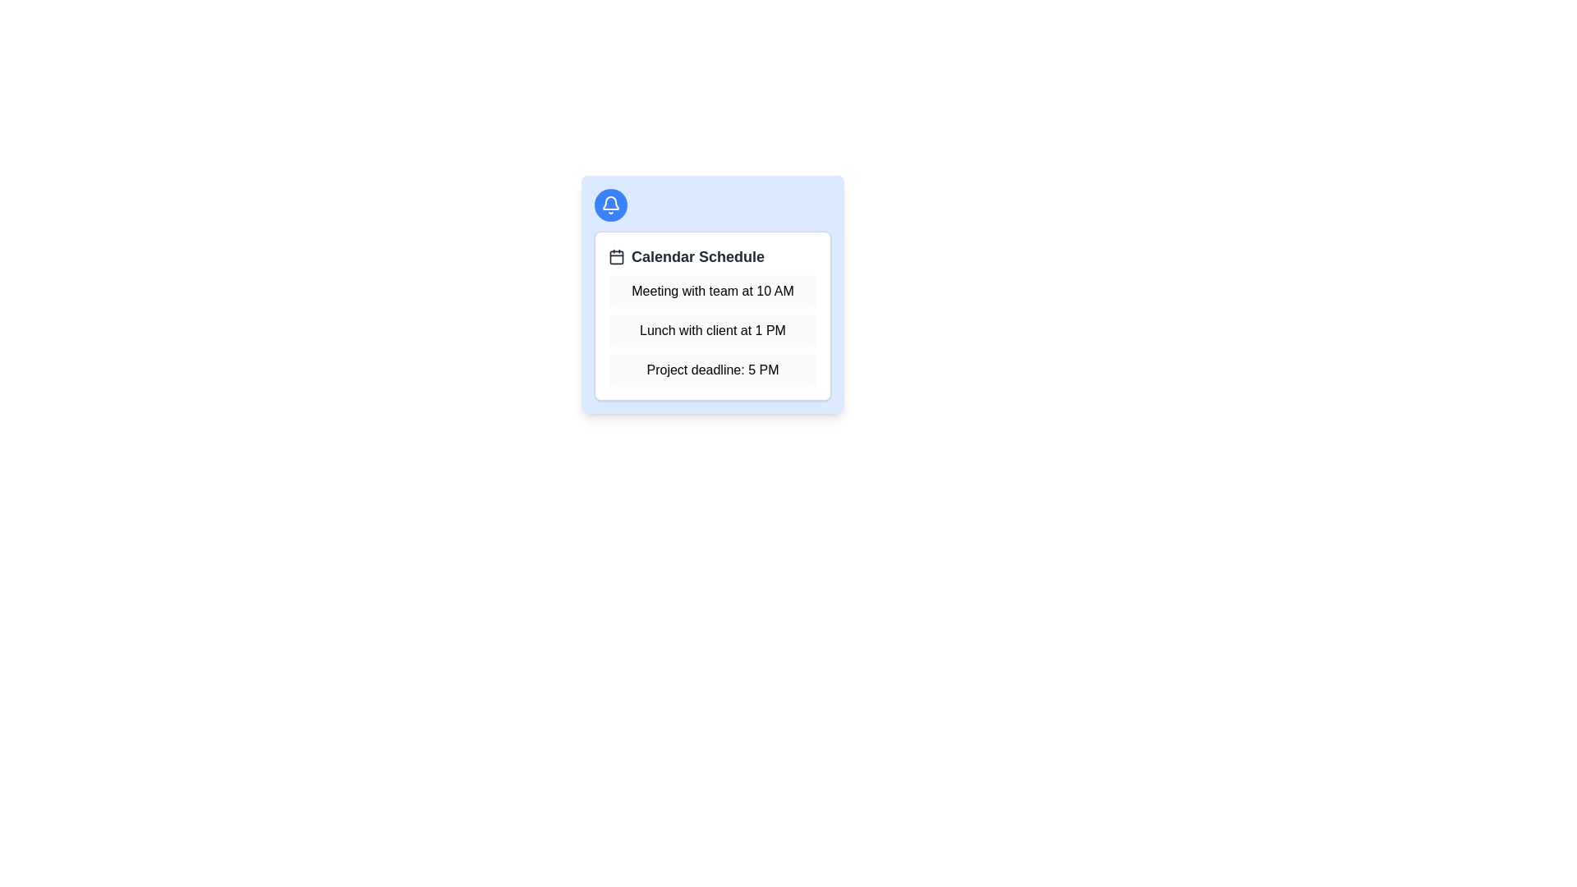 This screenshot has height=887, width=1577. What do you see at coordinates (713, 290) in the screenshot?
I see `the information displayed in the event reminder for the meeting scheduled at 10 AM, which is located in the first position of the stacked items under 'Calendar Schedule'` at bounding box center [713, 290].